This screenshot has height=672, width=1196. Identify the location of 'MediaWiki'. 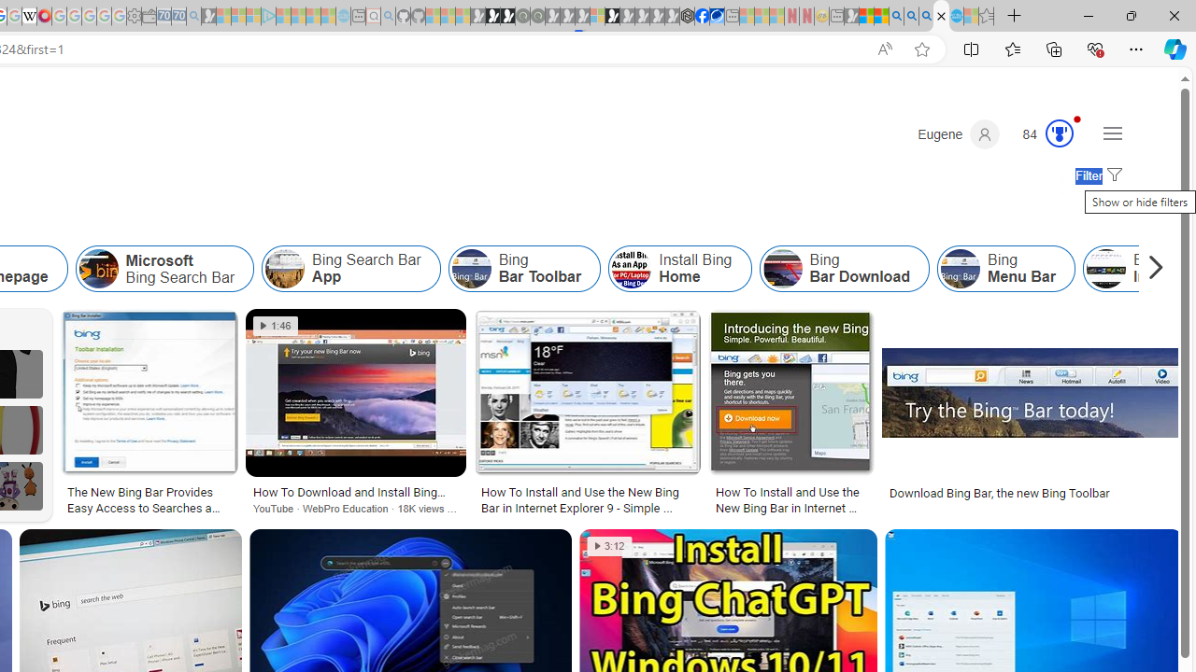
(44, 16).